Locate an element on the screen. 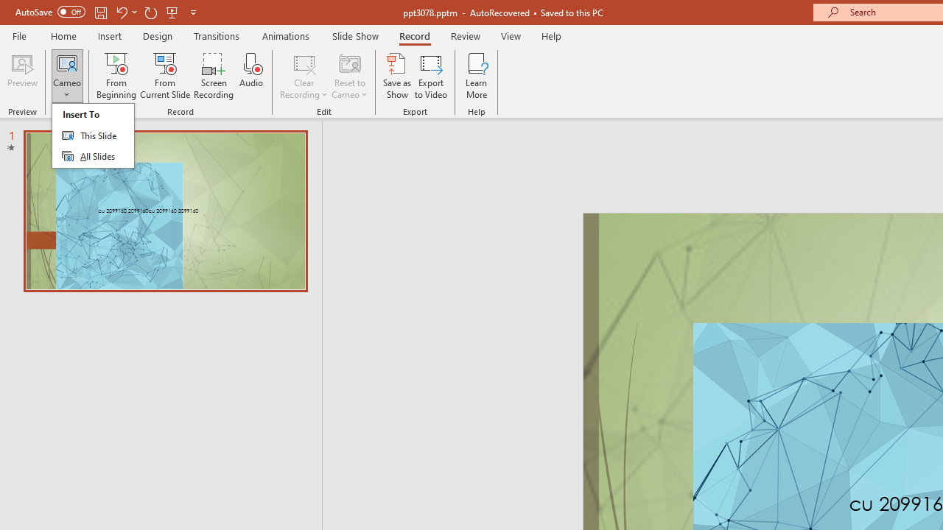 The width and height of the screenshot is (943, 530). 'Learn More' is located at coordinates (477, 76).